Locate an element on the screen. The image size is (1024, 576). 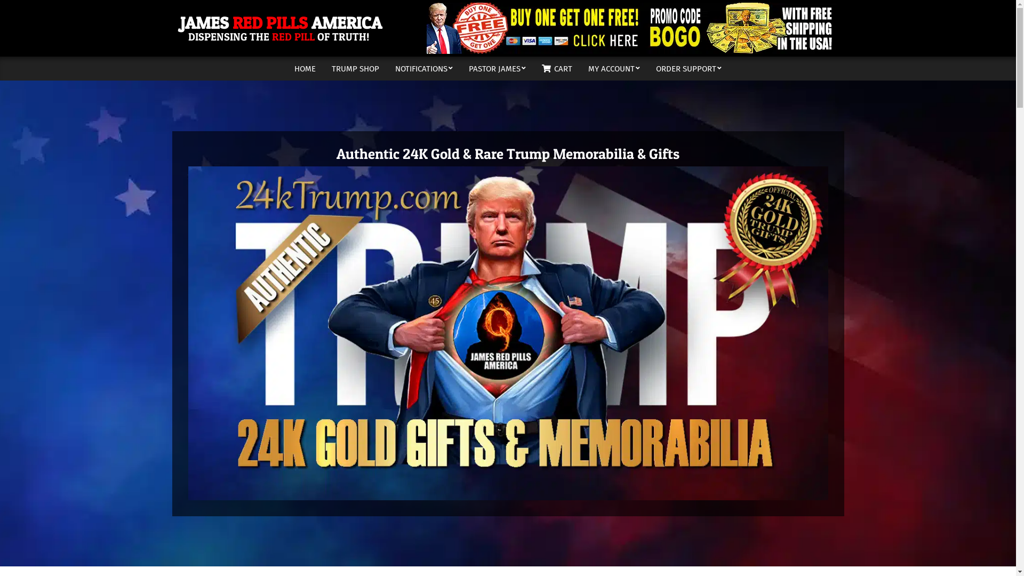
'HOME' is located at coordinates (304, 68).